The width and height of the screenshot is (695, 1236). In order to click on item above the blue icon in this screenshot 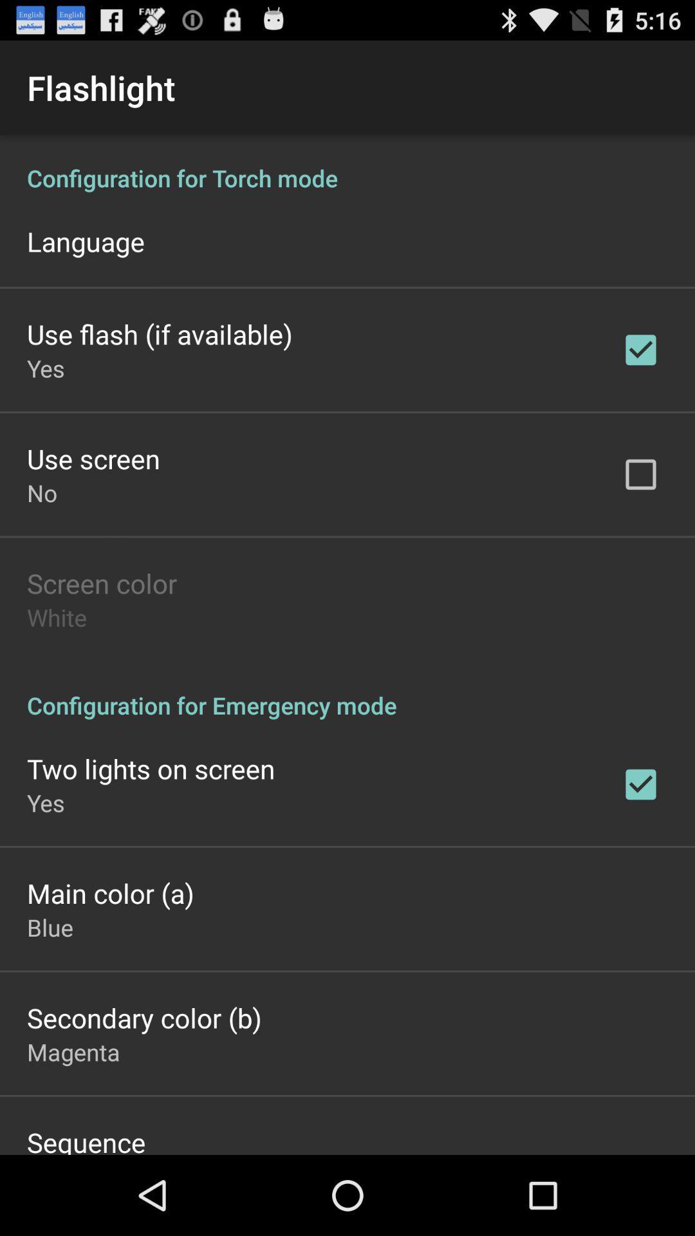, I will do `click(109, 892)`.